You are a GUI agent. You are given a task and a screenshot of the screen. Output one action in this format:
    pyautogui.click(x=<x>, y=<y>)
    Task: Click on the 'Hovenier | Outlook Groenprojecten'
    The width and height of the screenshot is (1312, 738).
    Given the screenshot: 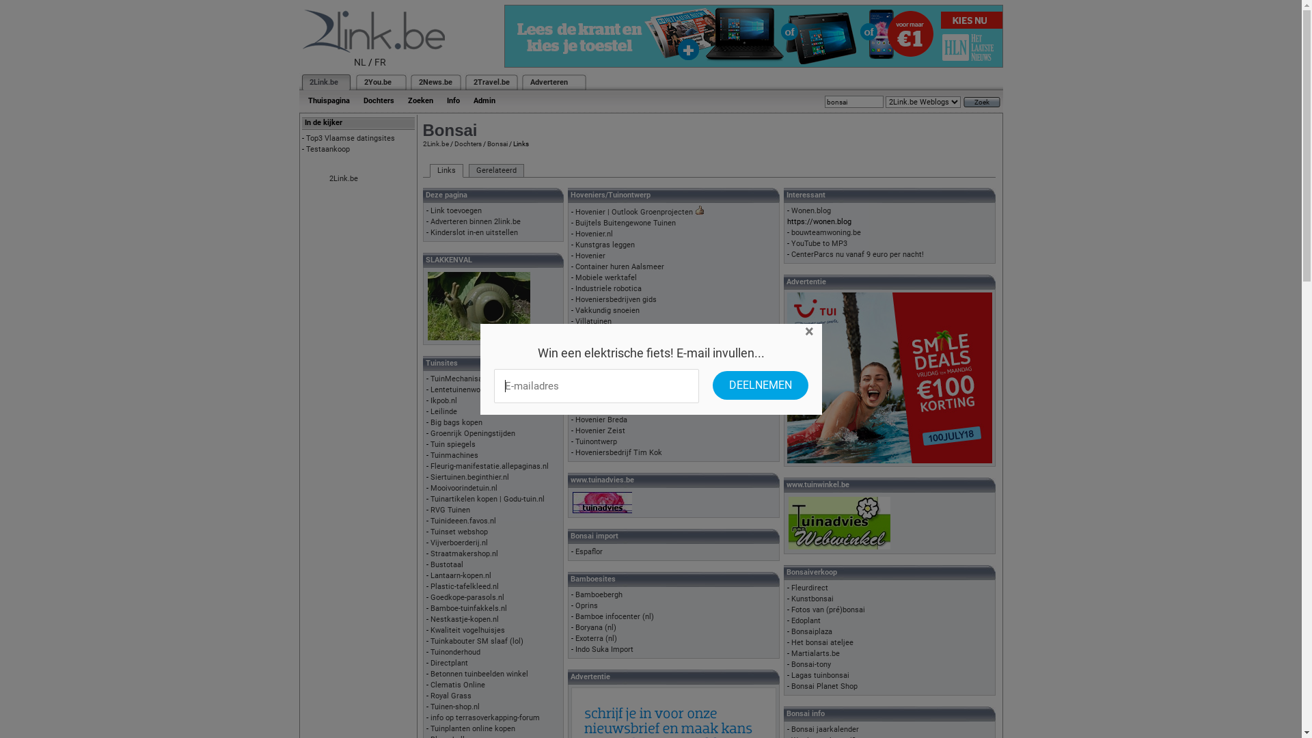 What is the action you would take?
    pyautogui.click(x=633, y=212)
    